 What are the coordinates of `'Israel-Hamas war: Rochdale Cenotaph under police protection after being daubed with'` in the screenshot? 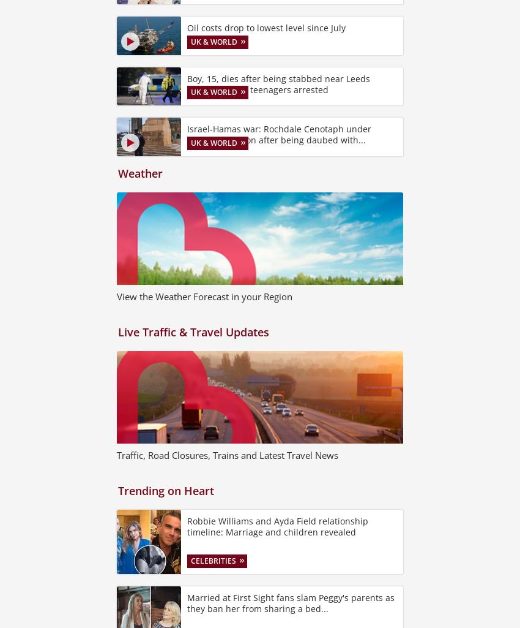 It's located at (278, 134).